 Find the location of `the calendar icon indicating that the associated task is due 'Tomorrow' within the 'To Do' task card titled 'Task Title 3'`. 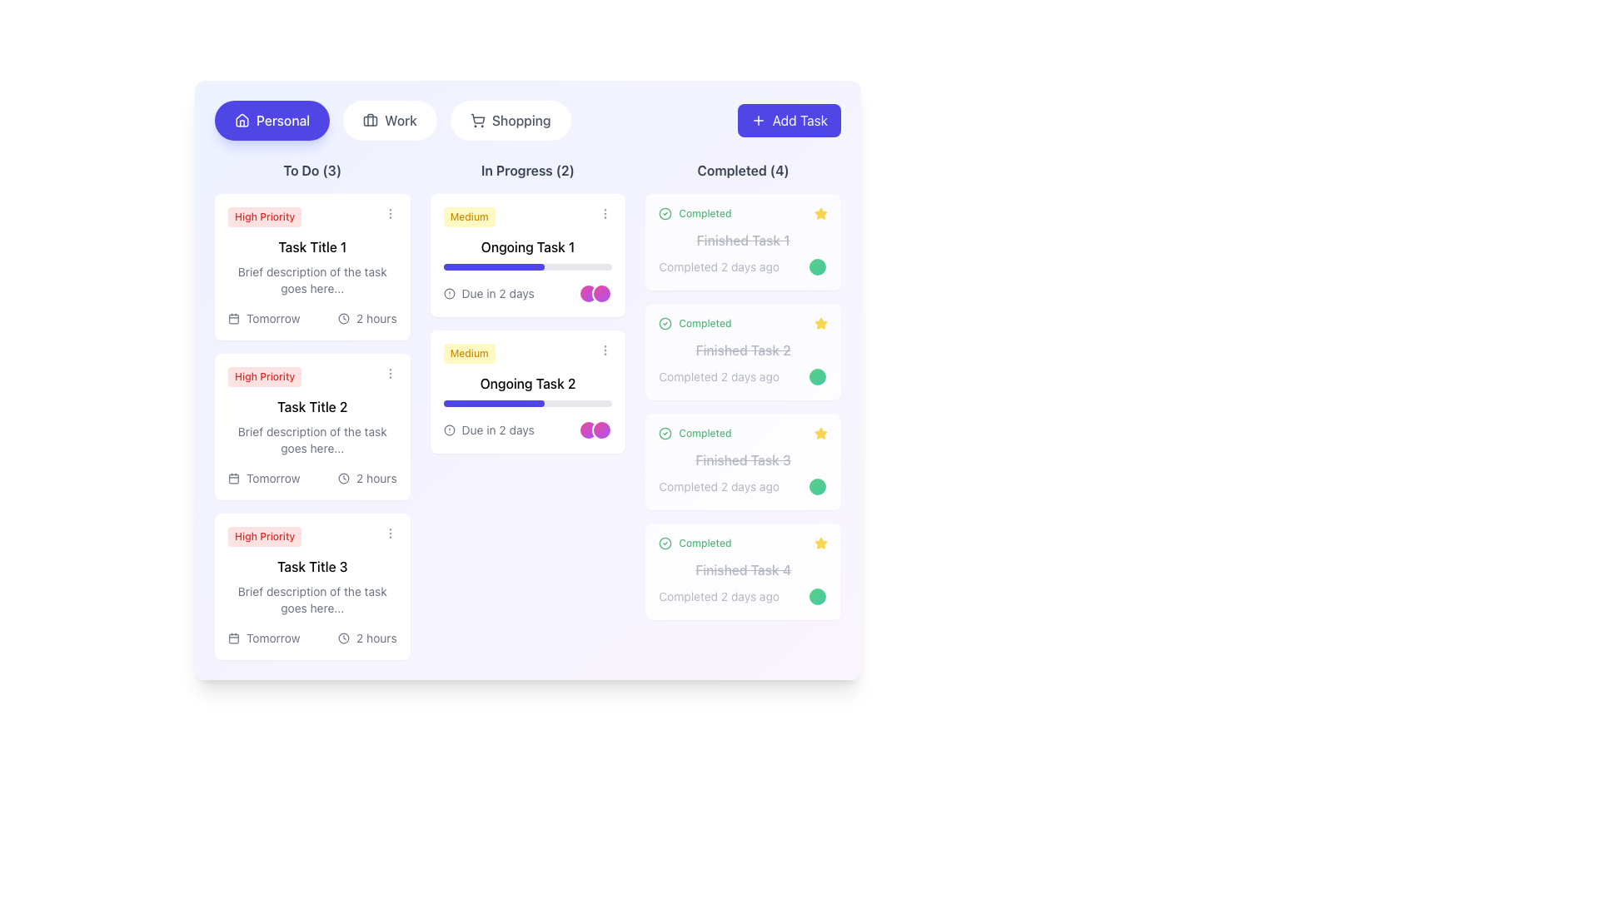

the calendar icon indicating that the associated task is due 'Tomorrow' within the 'To Do' task card titled 'Task Title 3' is located at coordinates (233, 638).